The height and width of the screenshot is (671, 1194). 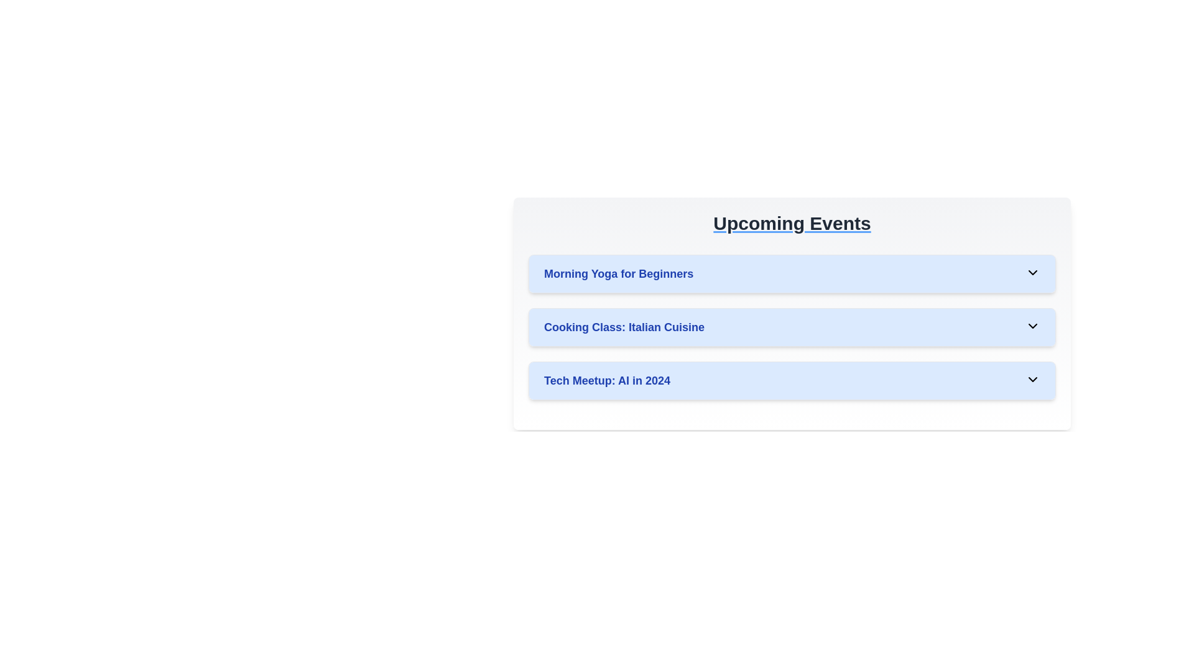 What do you see at coordinates (791, 380) in the screenshot?
I see `the Interactive Dropdown Item labeled 'Tech Meetup: AI in 2024'` at bounding box center [791, 380].